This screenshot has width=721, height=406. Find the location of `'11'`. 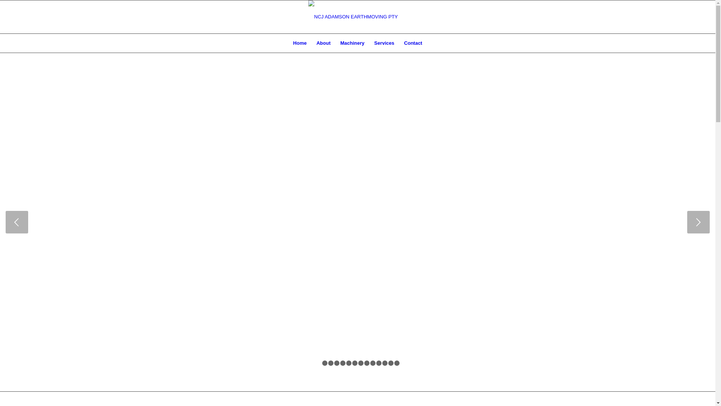

'11' is located at coordinates (379, 362).